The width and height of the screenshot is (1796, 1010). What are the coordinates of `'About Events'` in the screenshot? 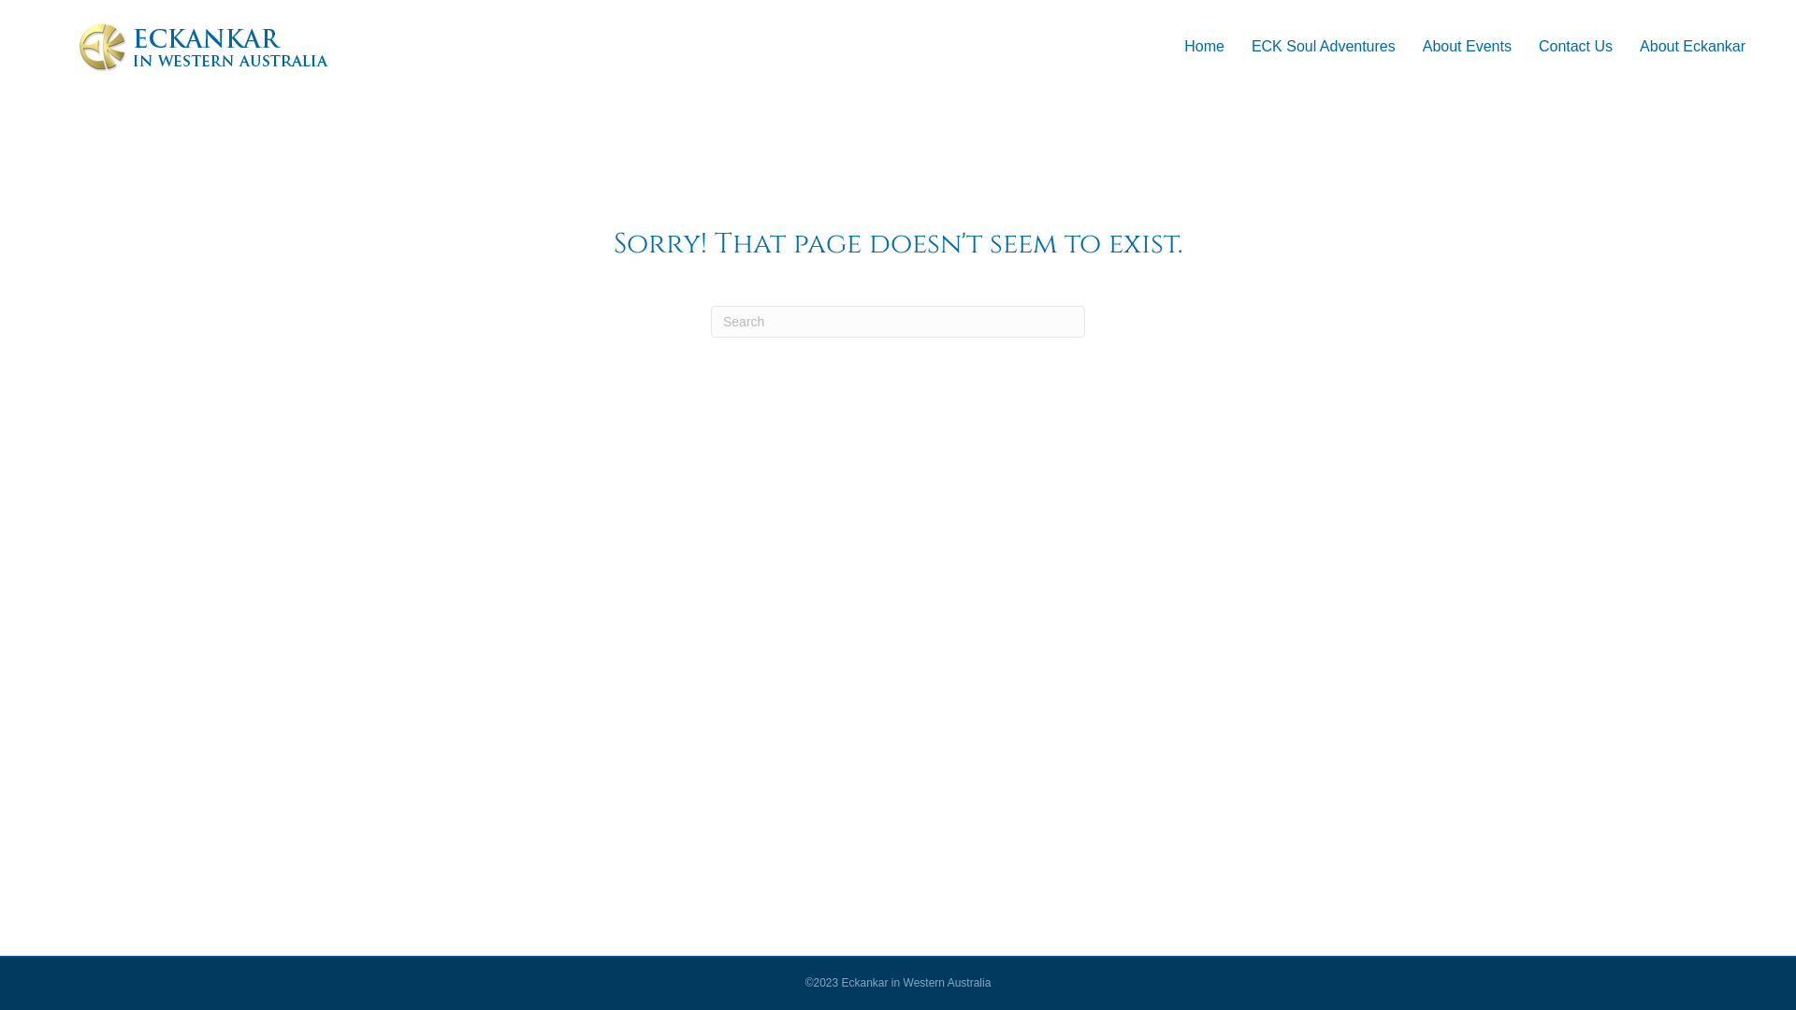 It's located at (1466, 45).